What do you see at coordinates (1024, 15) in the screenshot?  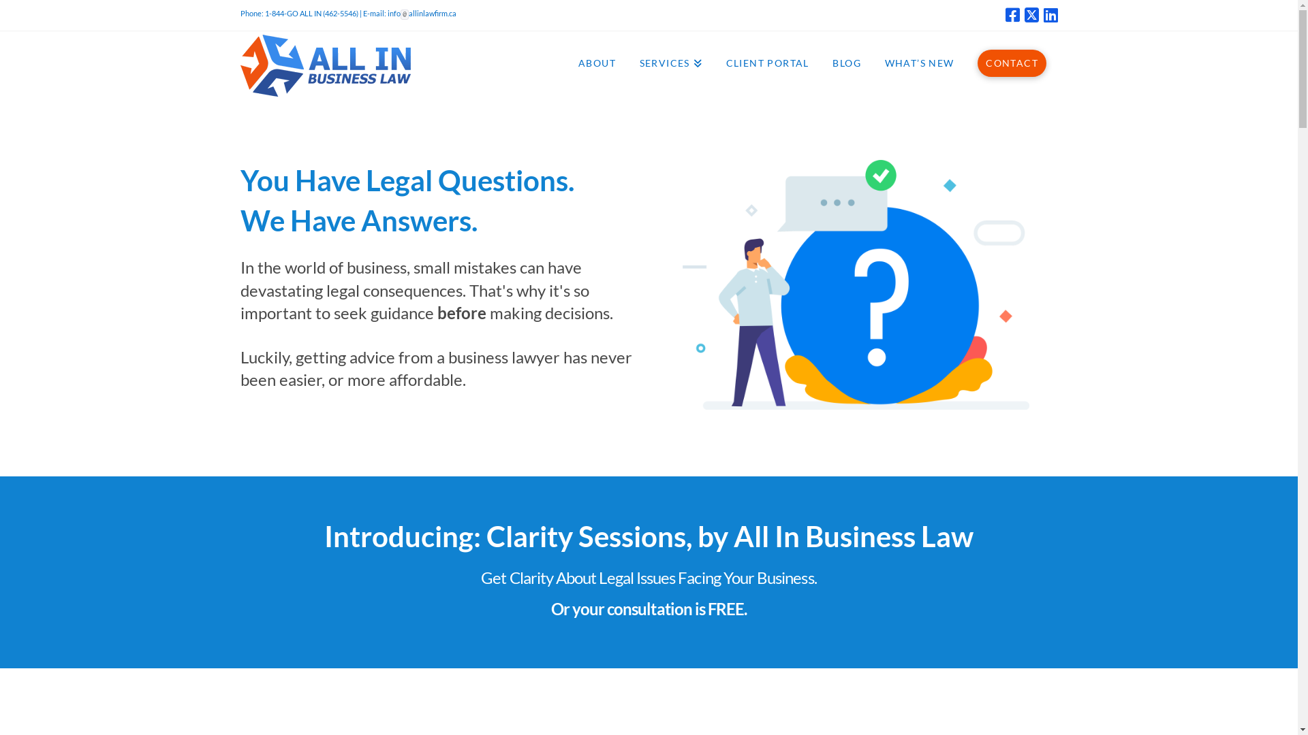 I see `'X / Twitter'` at bounding box center [1024, 15].